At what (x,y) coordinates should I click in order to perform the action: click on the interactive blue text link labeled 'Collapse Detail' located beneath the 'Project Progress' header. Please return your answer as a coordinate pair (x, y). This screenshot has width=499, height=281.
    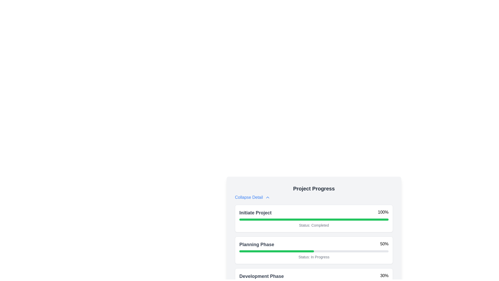
    Looking at the image, I should click on (252, 197).